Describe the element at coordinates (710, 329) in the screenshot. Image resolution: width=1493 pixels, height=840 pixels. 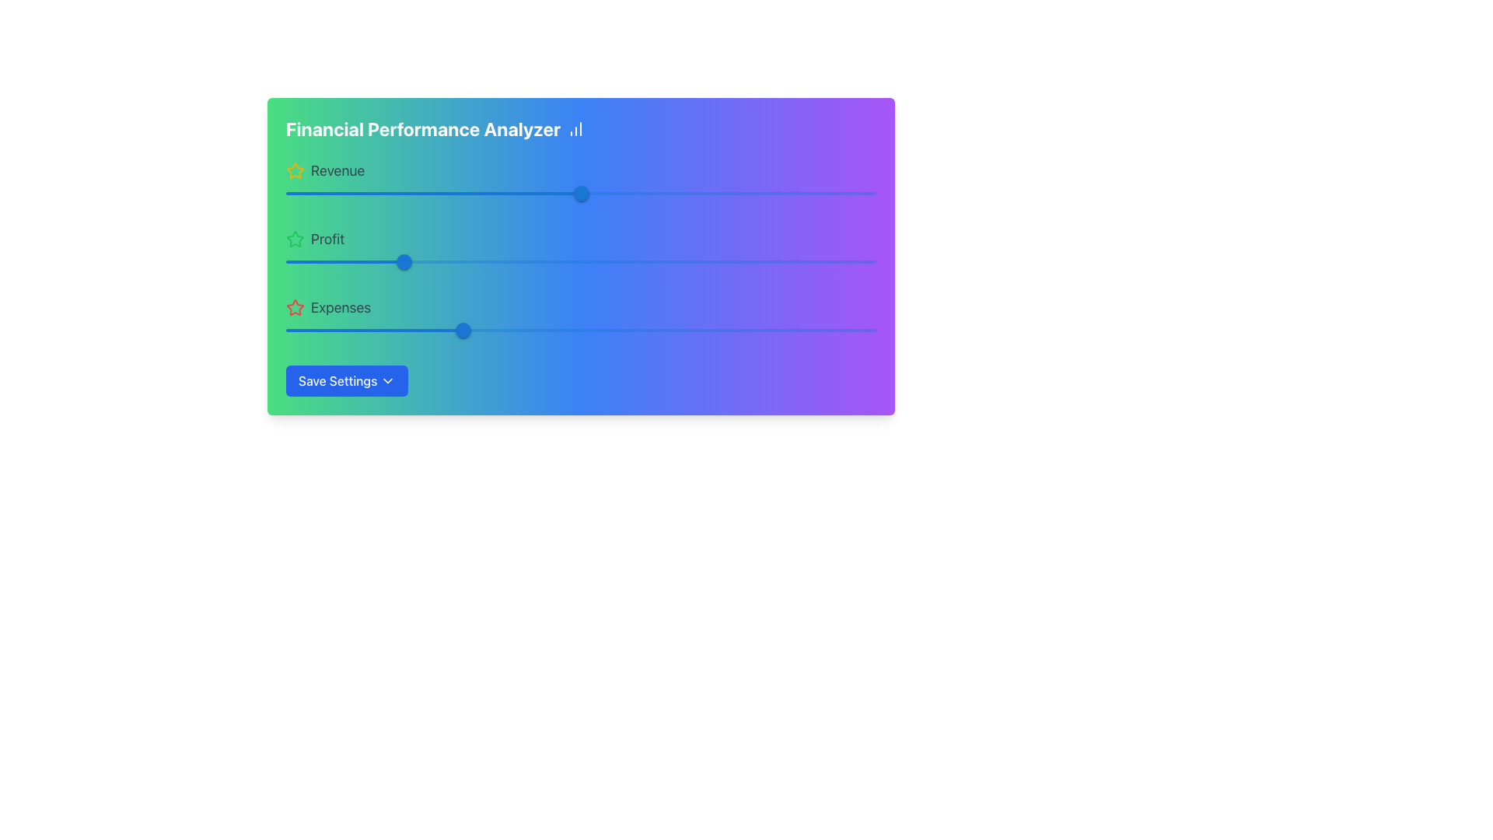
I see `the Expenses slider` at that location.